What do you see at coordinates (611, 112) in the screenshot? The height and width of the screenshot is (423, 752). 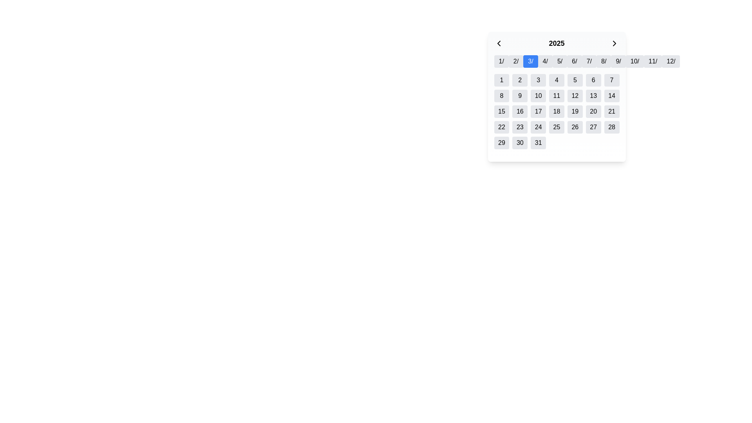 I see `the calendar button that allows users to select the day '21', located in the third row and seventh column of the calendar grid` at bounding box center [611, 112].